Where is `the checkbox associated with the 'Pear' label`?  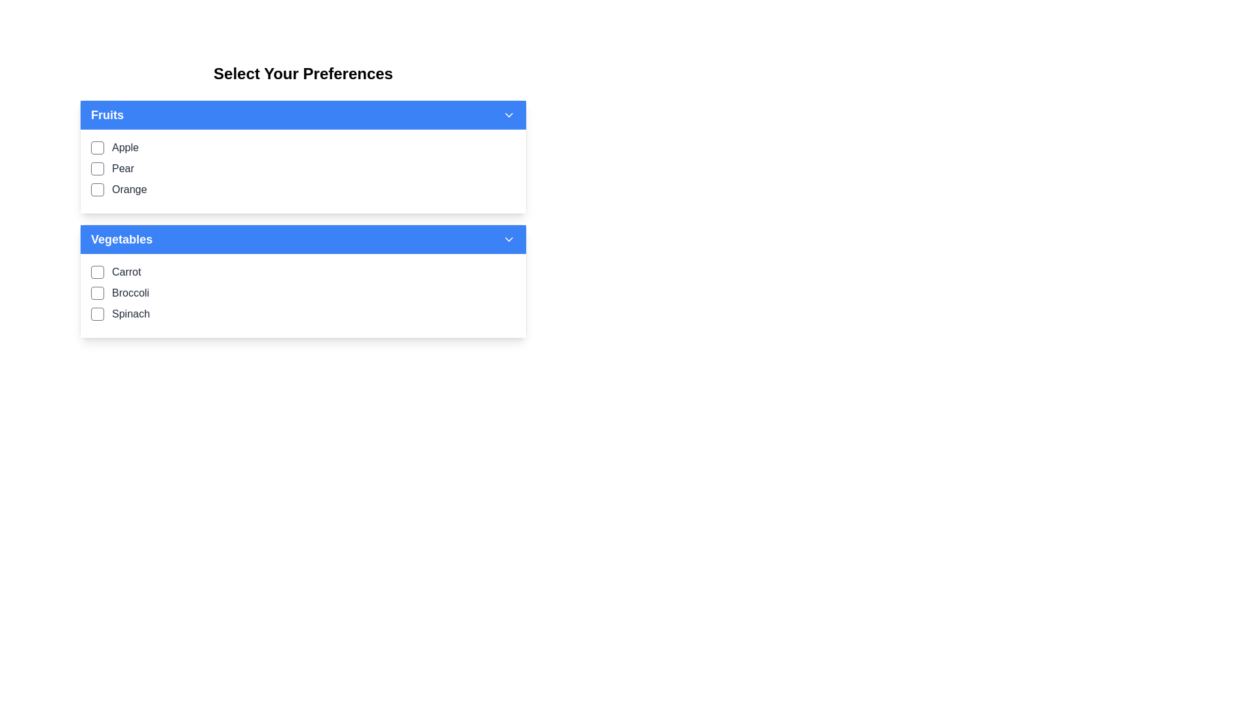
the checkbox associated with the 'Pear' label is located at coordinates (123, 168).